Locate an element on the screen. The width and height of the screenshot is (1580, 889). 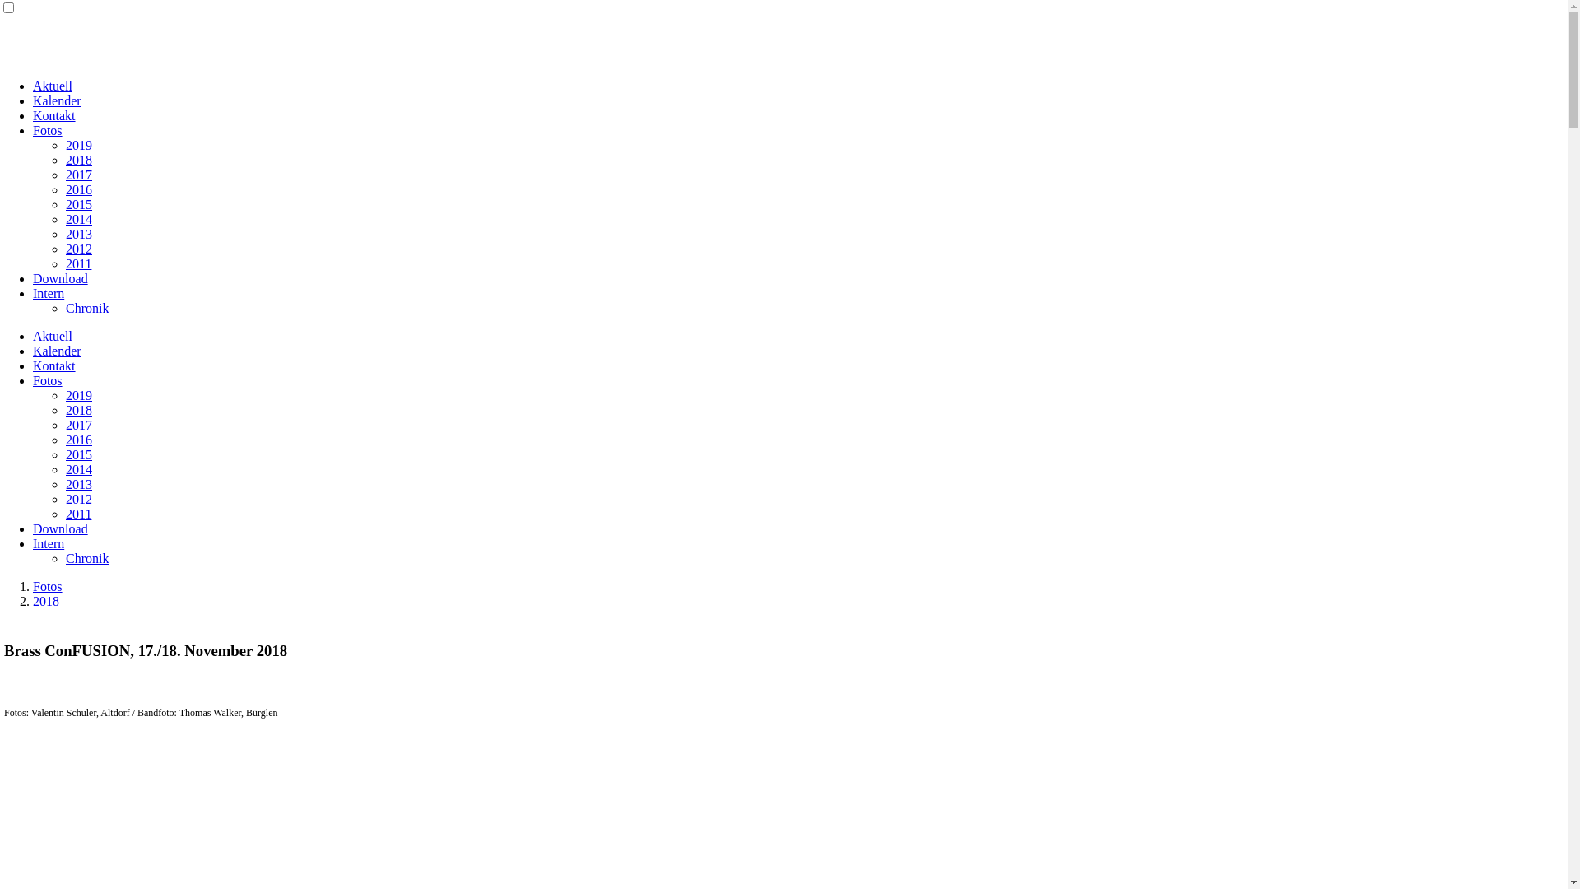
'2016' is located at coordinates (78, 189).